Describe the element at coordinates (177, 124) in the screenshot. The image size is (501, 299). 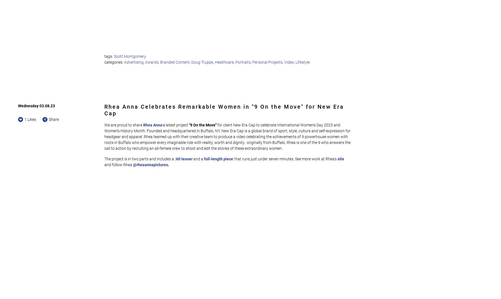
I see `'latest project'` at that location.